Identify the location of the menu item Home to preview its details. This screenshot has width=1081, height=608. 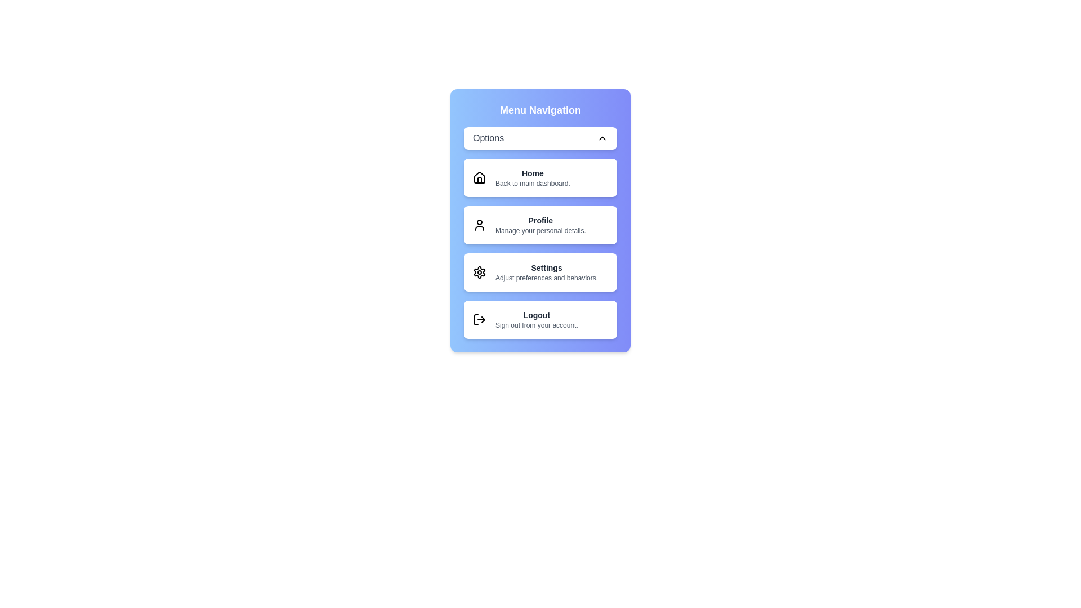
(540, 177).